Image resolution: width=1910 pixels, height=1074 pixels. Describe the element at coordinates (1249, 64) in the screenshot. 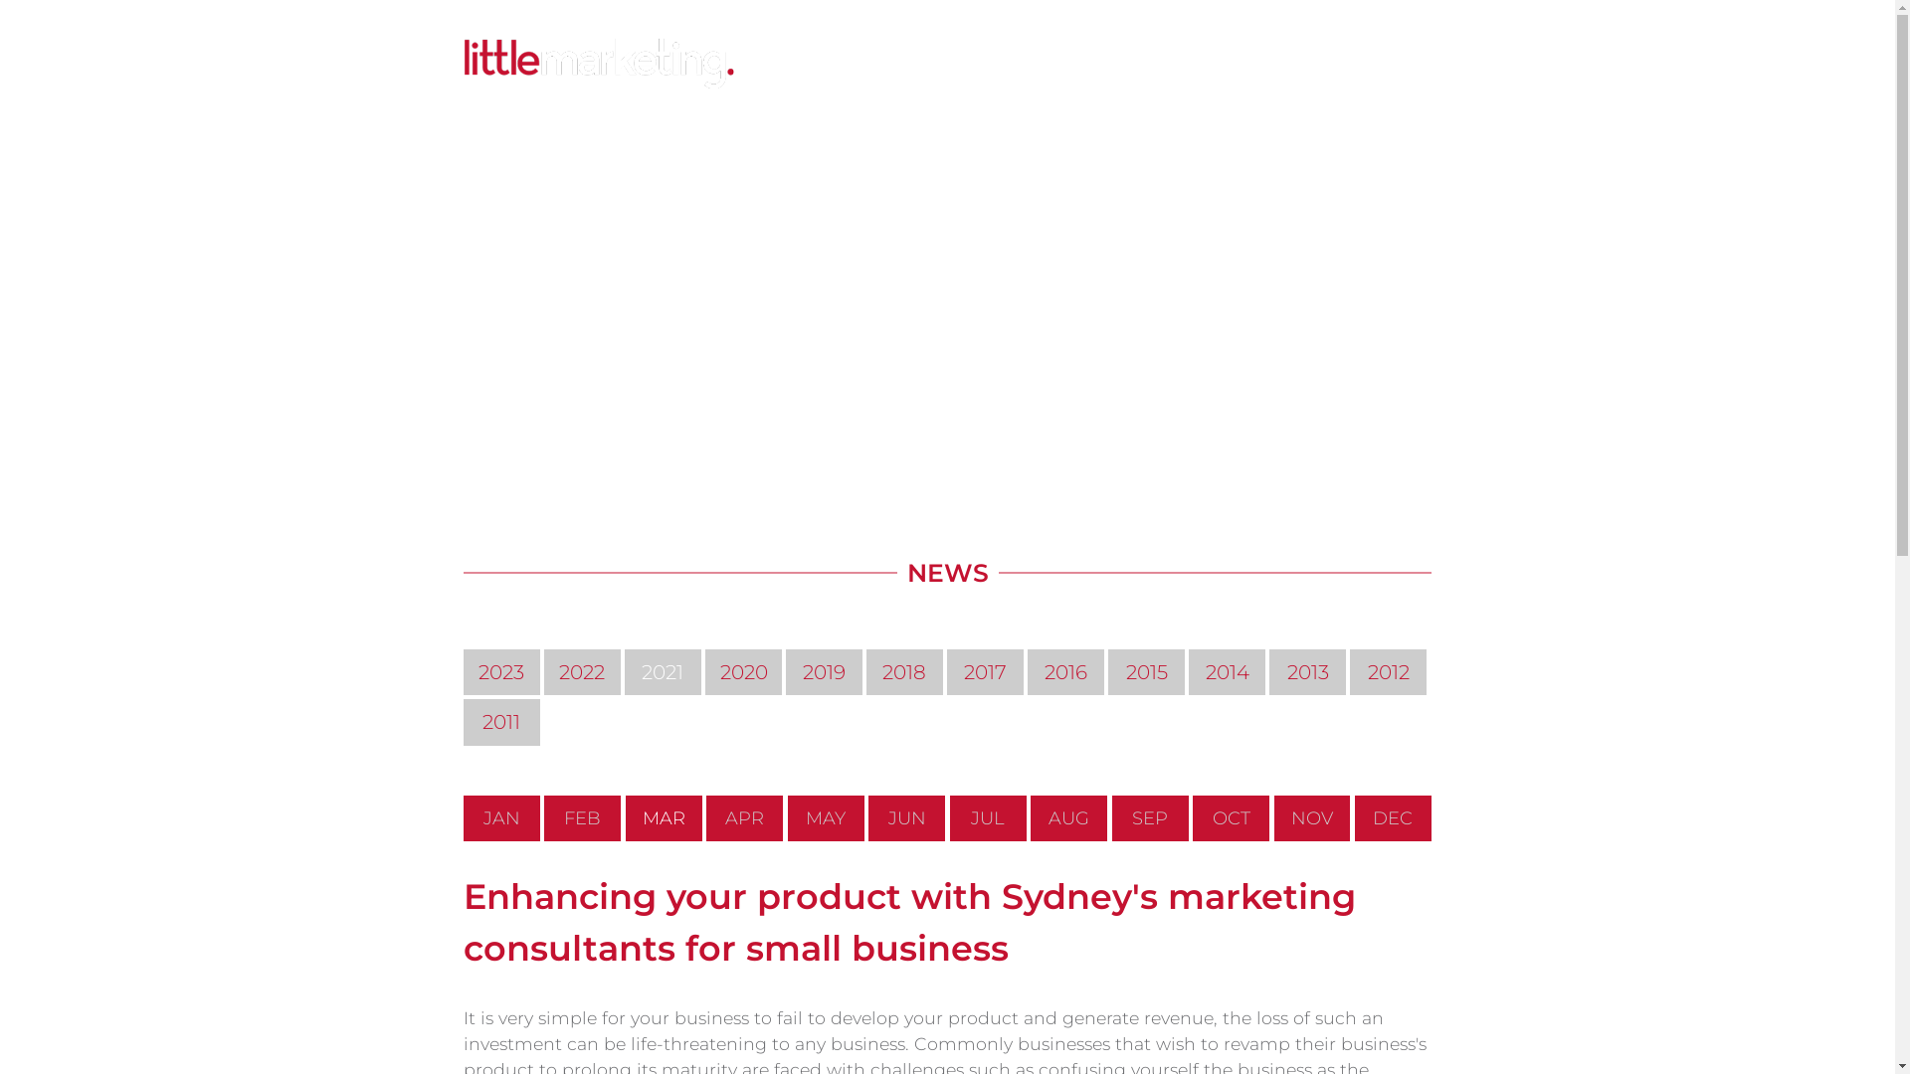

I see `'REVIEWS'` at that location.